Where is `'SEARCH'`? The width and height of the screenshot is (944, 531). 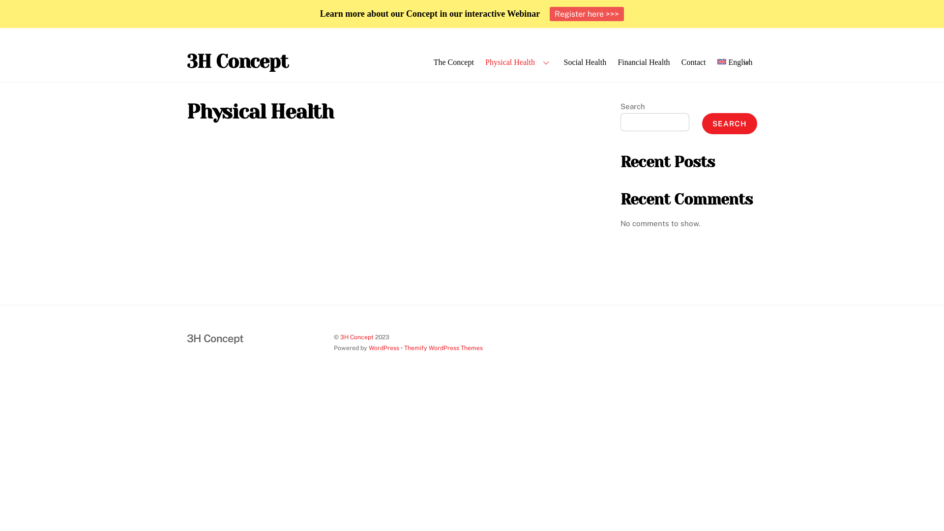 'SEARCH' is located at coordinates (729, 123).